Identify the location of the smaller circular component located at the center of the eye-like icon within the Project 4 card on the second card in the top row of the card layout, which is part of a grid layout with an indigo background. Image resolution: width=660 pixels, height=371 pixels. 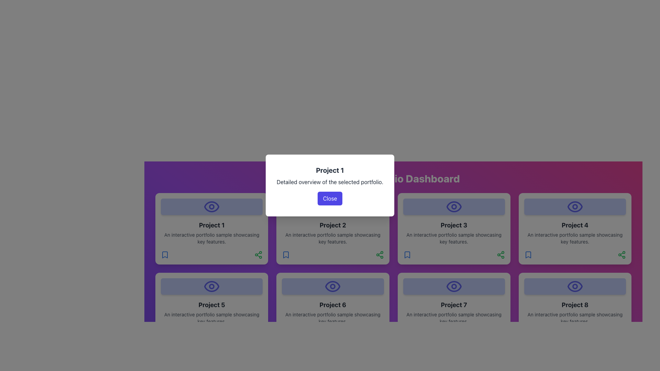
(575, 206).